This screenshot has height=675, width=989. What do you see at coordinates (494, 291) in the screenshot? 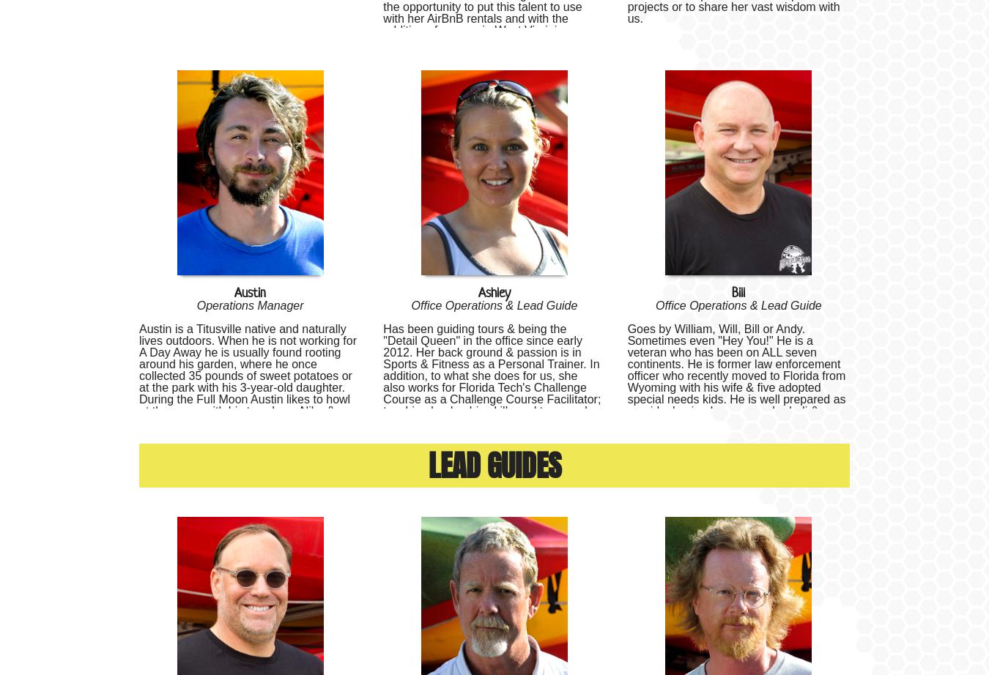
I see `'Ashley'` at bounding box center [494, 291].